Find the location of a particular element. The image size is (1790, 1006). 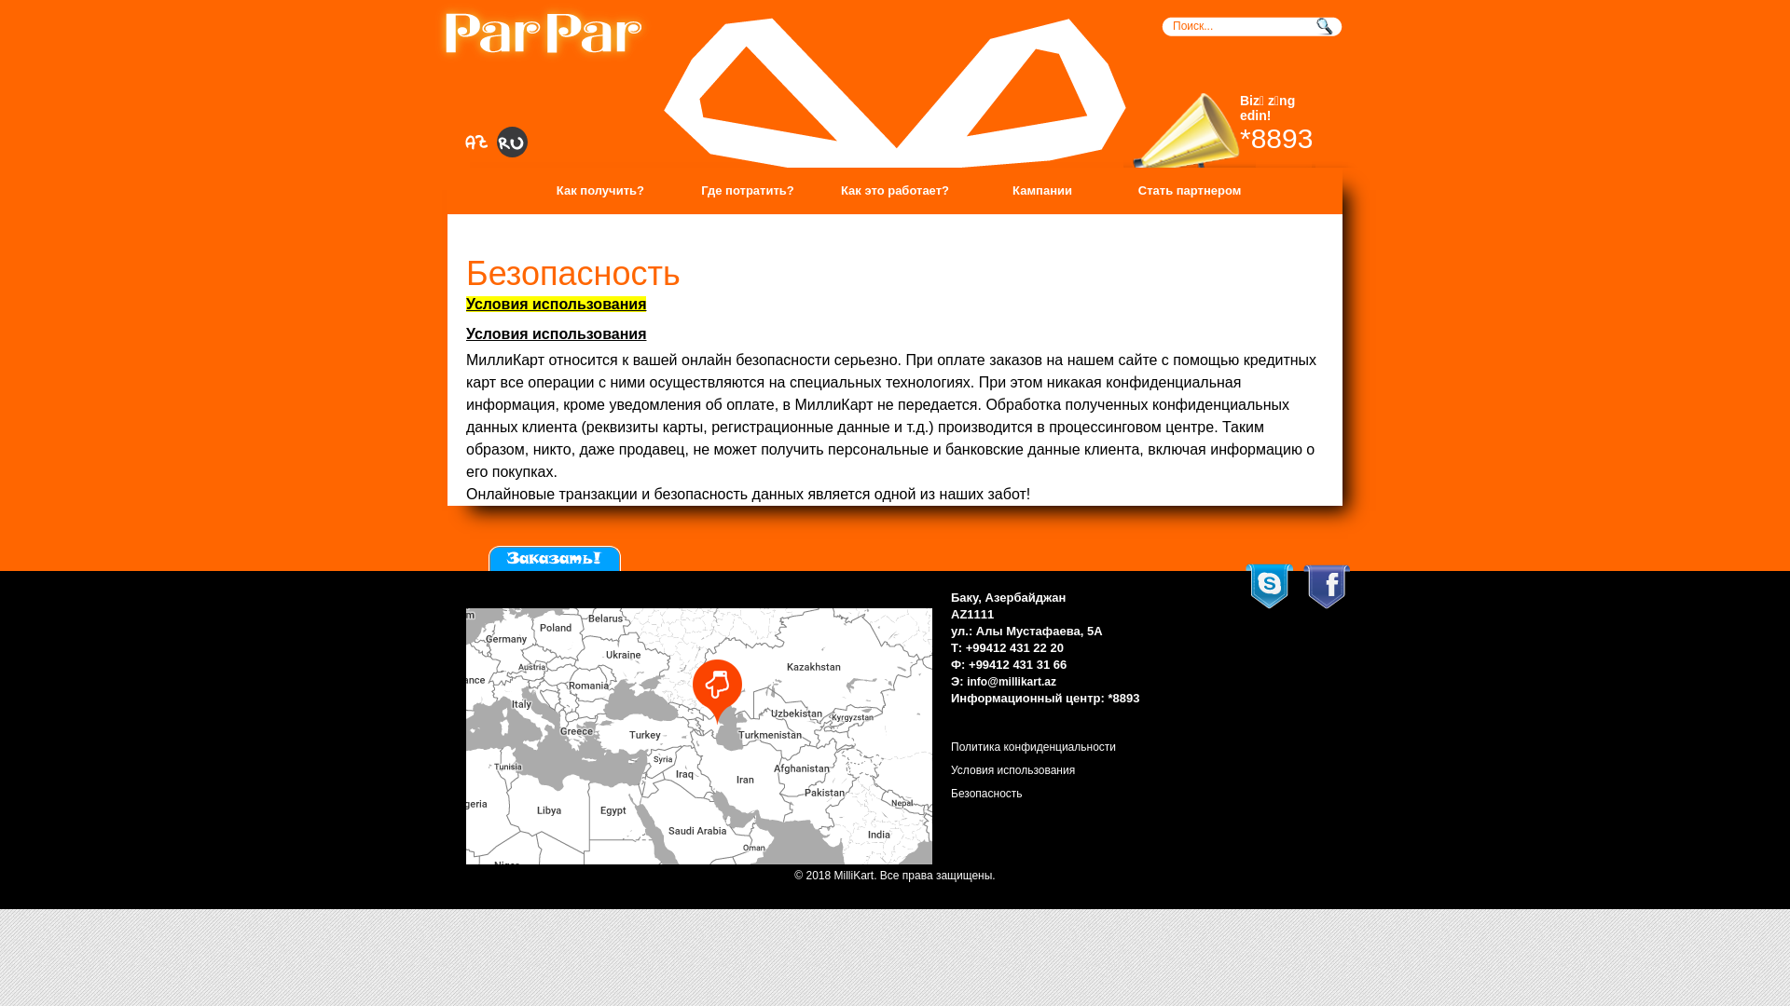

'Azeri (AZ)' is located at coordinates (475, 142).